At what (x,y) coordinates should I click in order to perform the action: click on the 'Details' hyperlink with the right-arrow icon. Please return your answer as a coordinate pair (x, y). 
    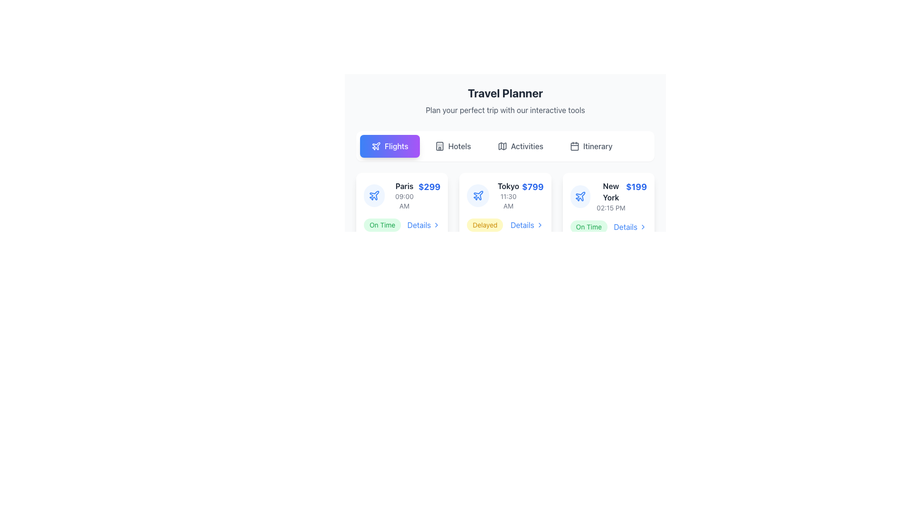
    Looking at the image, I should click on (423, 225).